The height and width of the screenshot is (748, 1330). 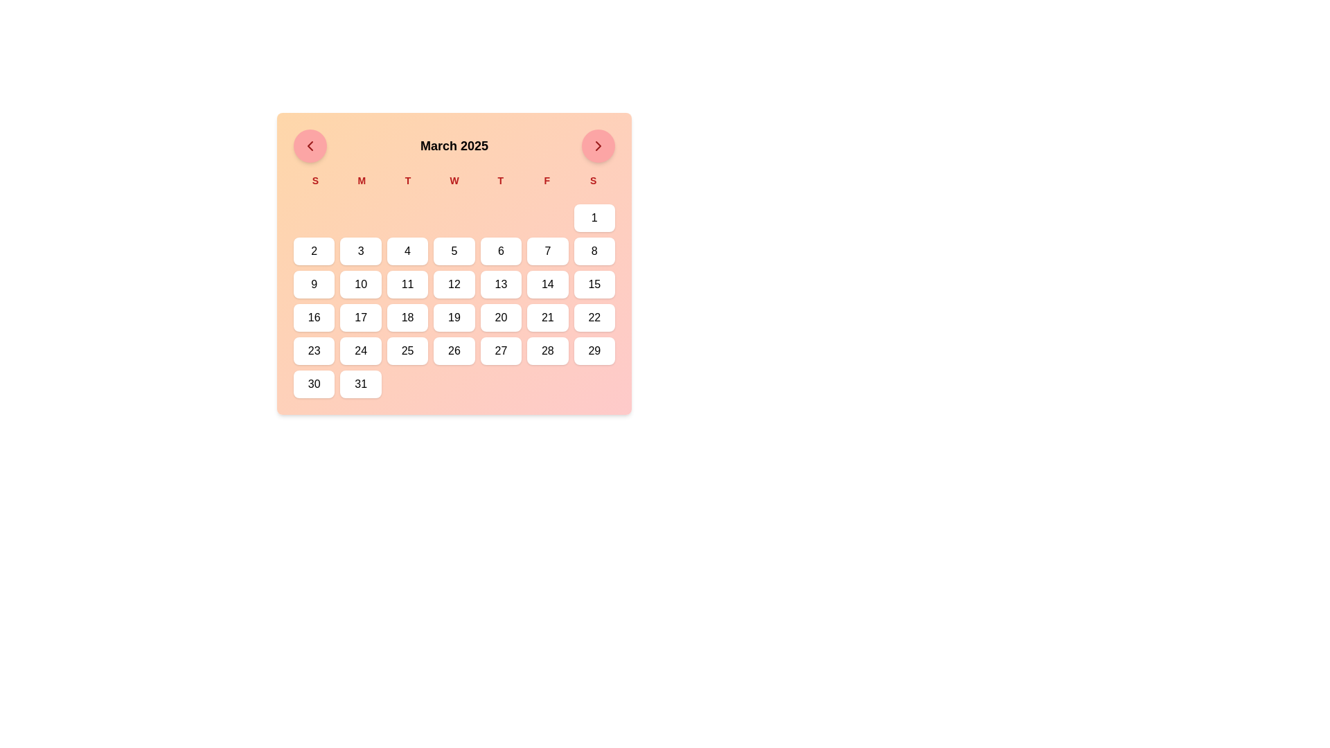 What do you see at coordinates (593, 180) in the screenshot?
I see `the static text label displaying the uppercase letter 'S' in red, which is the last element in the row of day headers at the top of the calendar interface` at bounding box center [593, 180].